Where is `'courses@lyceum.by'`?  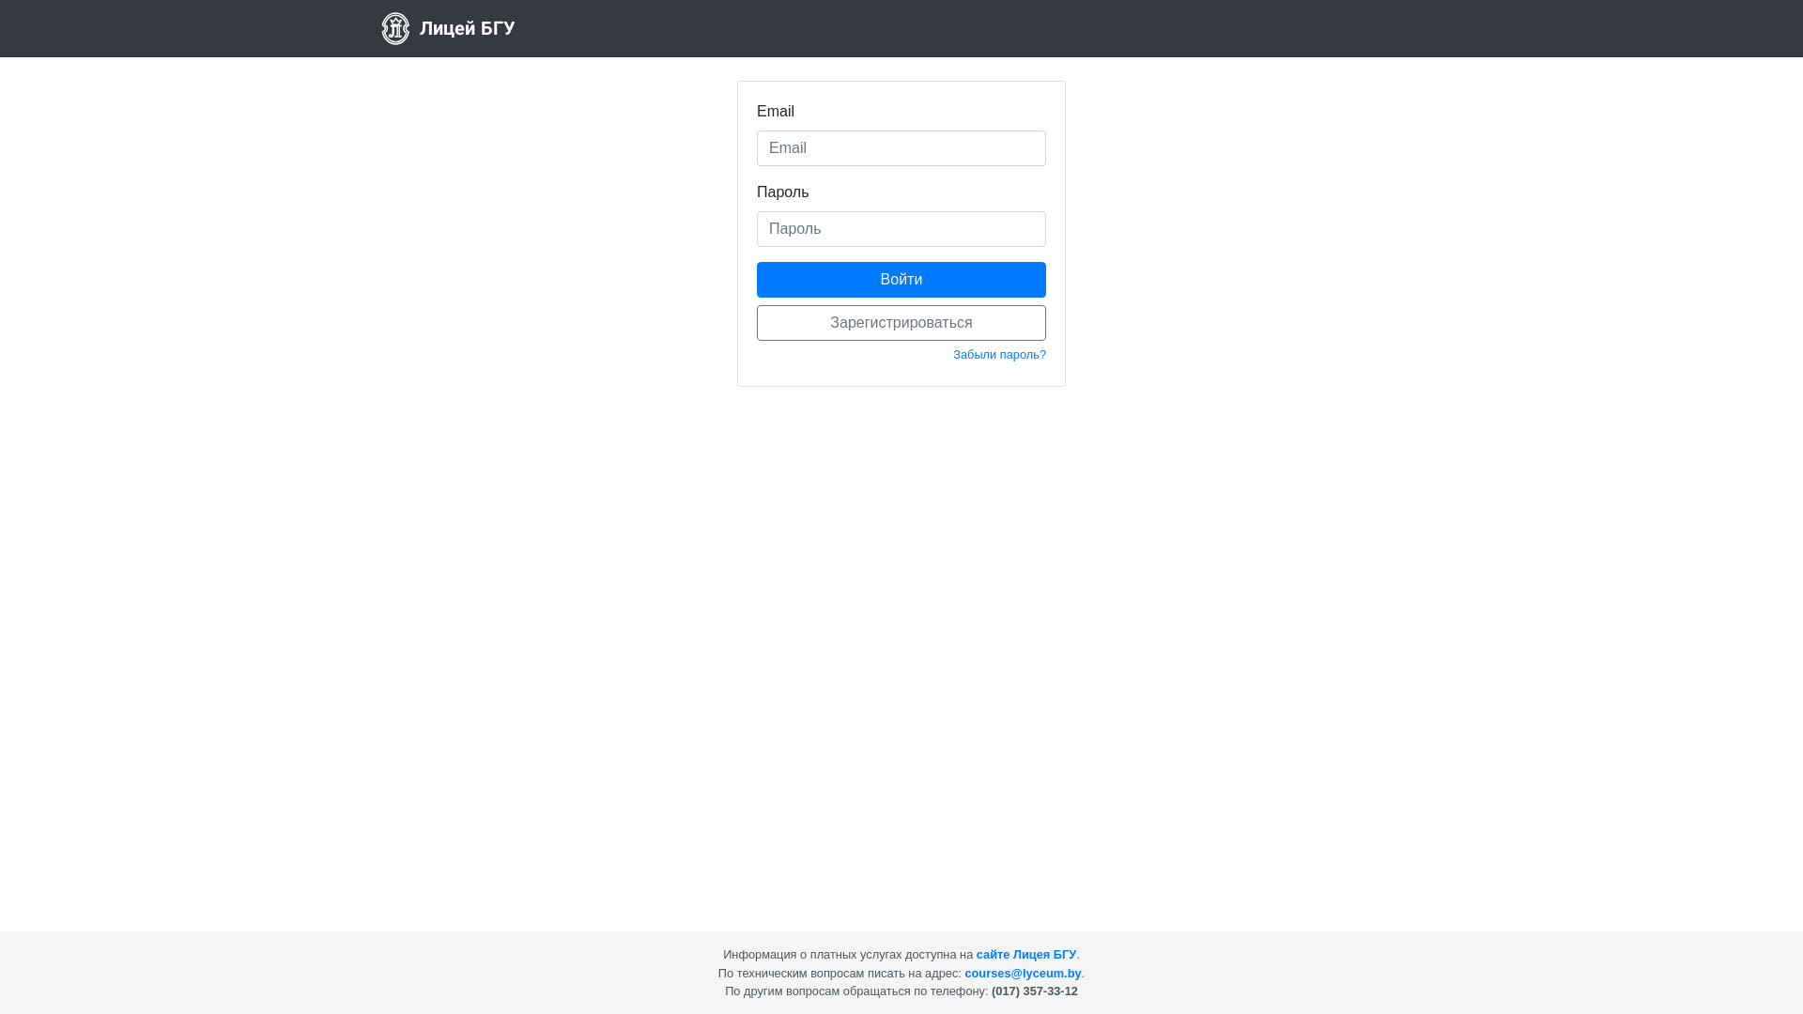 'courses@lyceum.by' is located at coordinates (1022, 972).